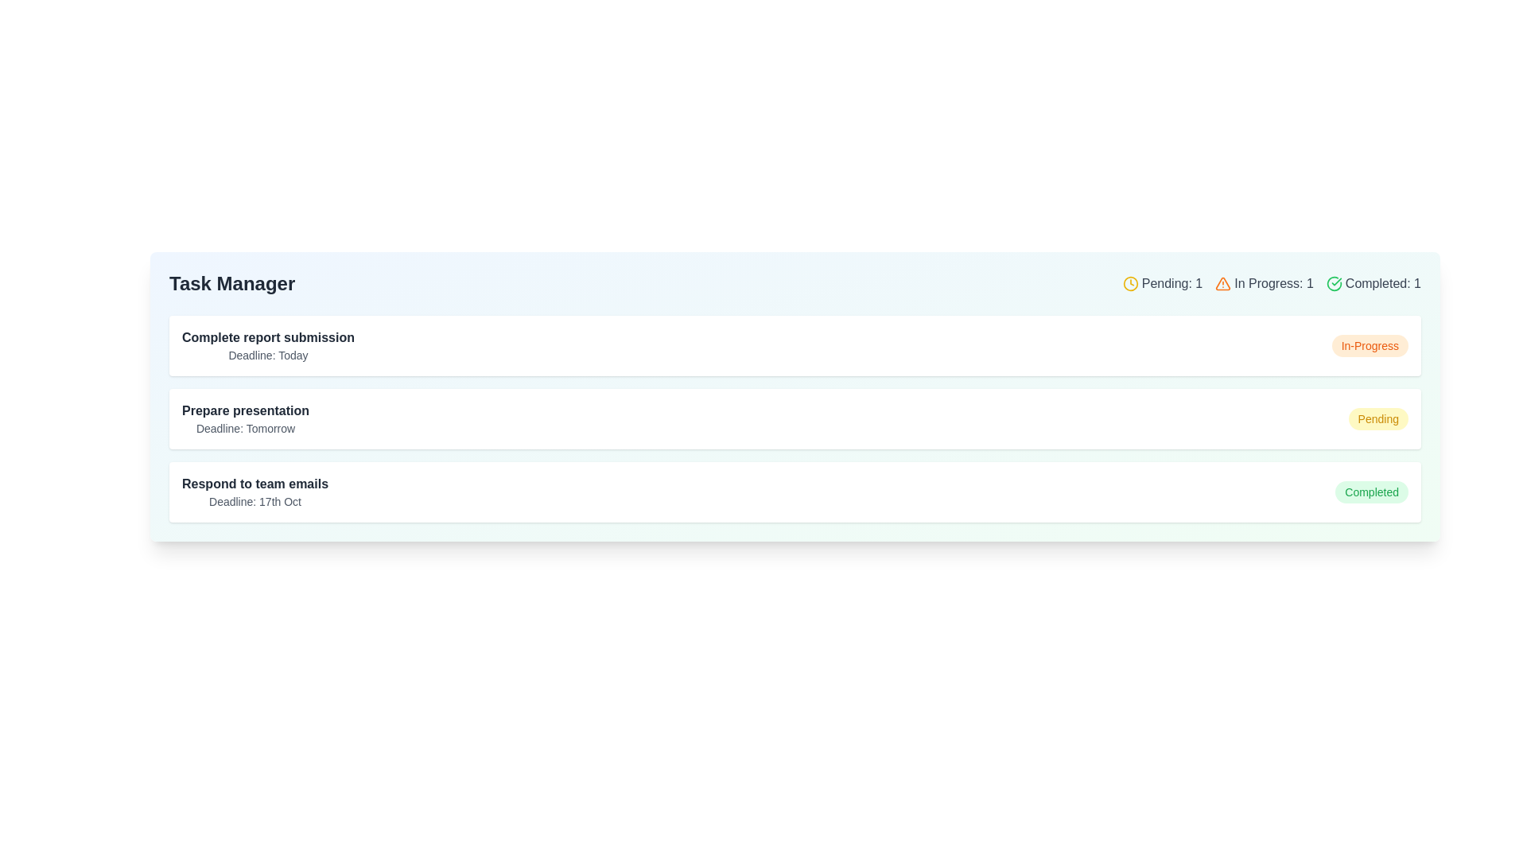 The image size is (1527, 859). Describe the element at coordinates (1171, 283) in the screenshot. I see `the text label reading 'Pending: 1' that is styled with a light gray font color and located near a clock icon in the status bar` at that location.